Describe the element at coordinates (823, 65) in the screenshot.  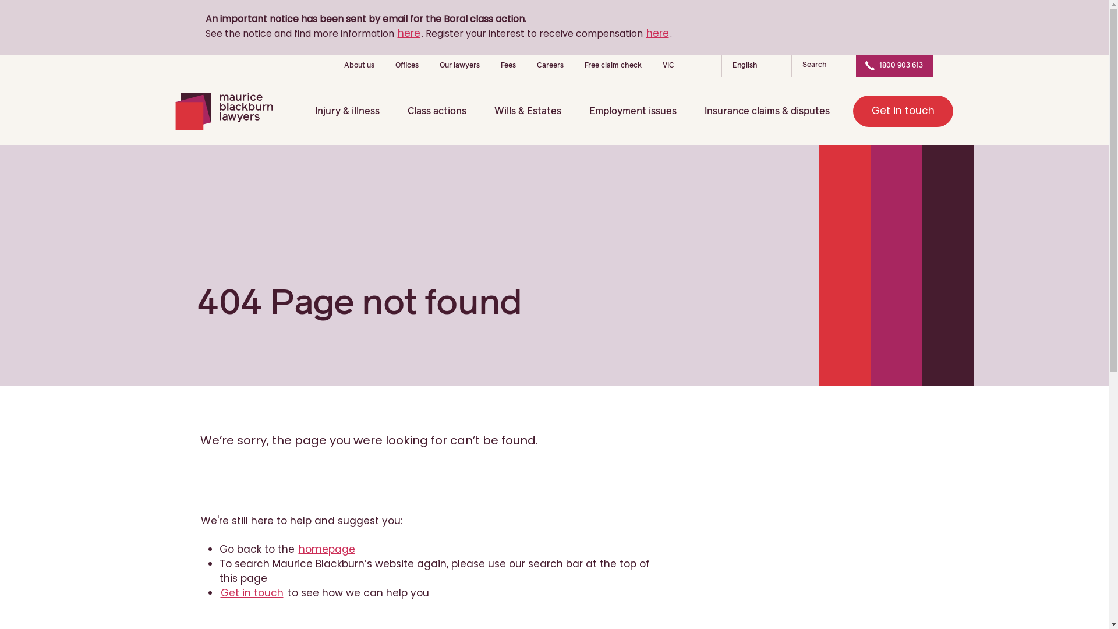
I see `'Search'` at that location.